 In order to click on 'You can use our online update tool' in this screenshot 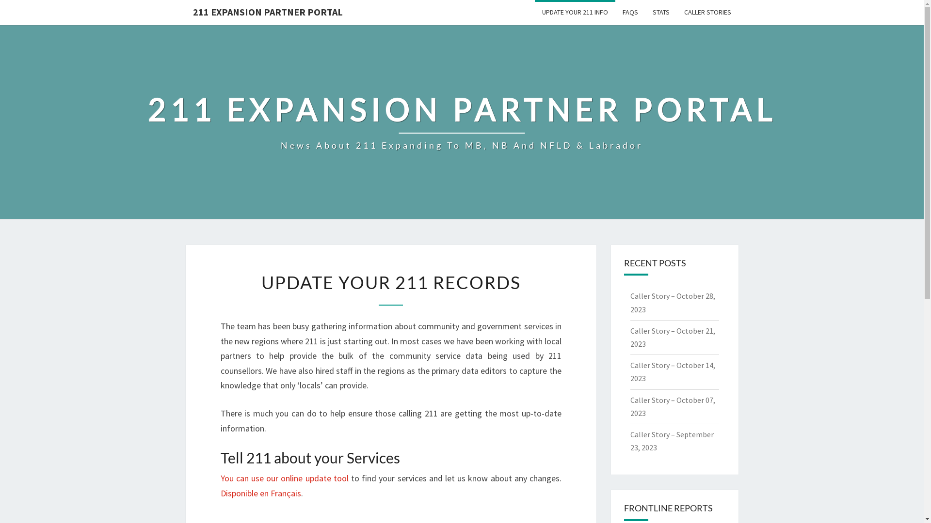, I will do `click(283, 477)`.